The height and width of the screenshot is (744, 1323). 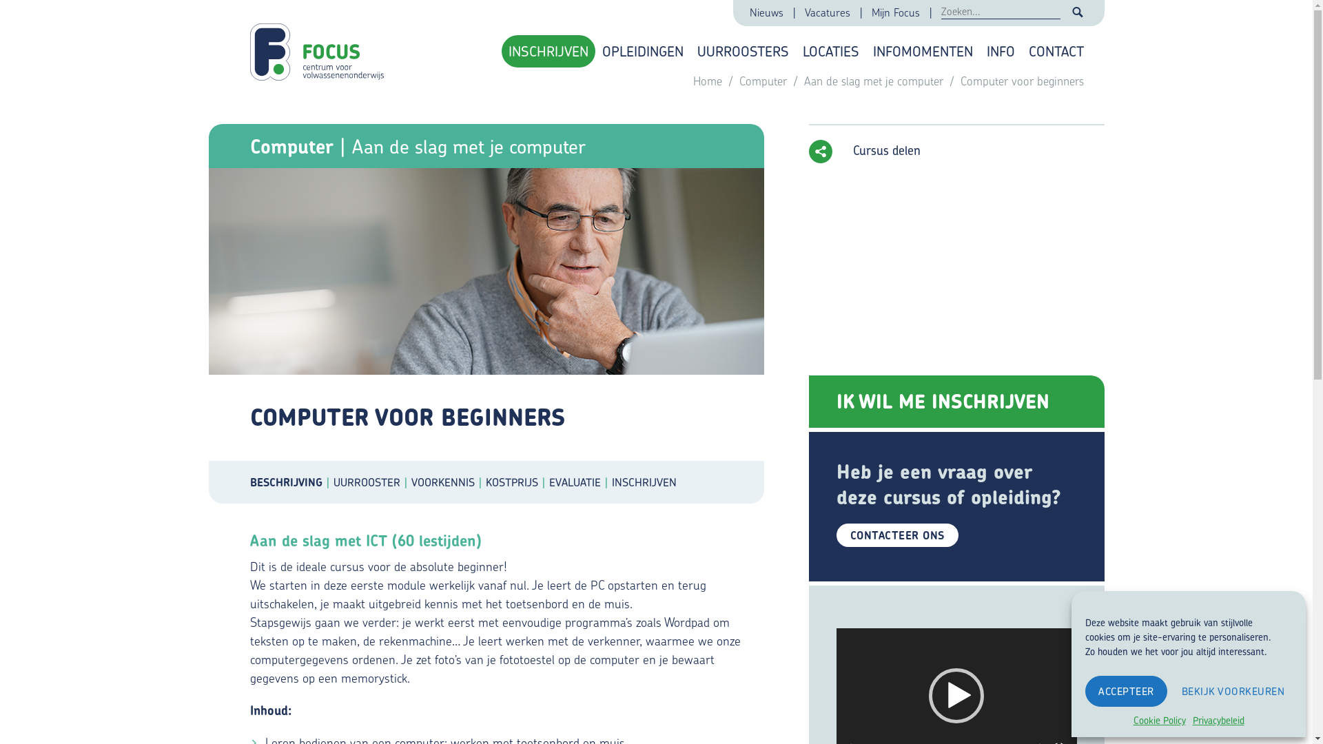 What do you see at coordinates (1233, 691) in the screenshot?
I see `'BEKIJK VOORKEUREN'` at bounding box center [1233, 691].